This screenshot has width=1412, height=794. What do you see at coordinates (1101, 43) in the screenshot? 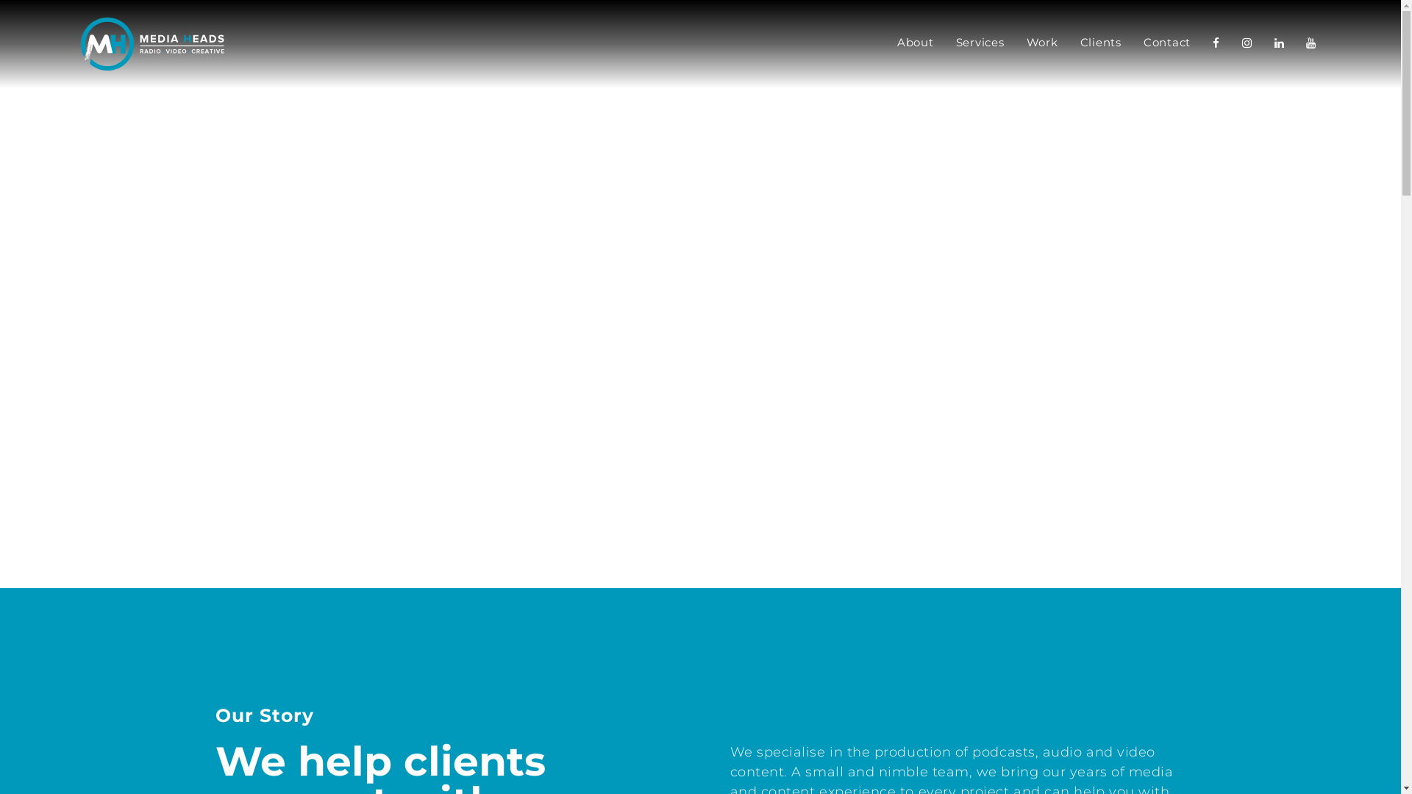
I see `'Clients'` at bounding box center [1101, 43].